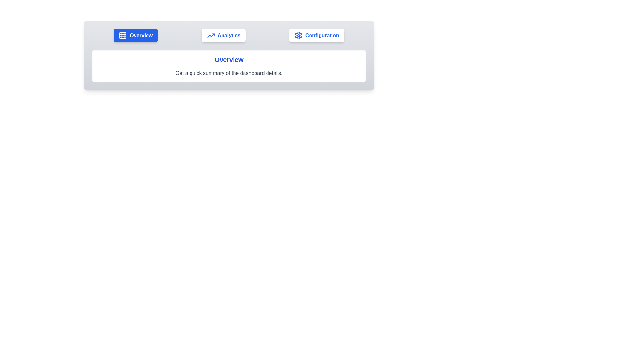 This screenshot has width=621, height=349. I want to click on the Analytics tab by clicking on it, so click(223, 36).